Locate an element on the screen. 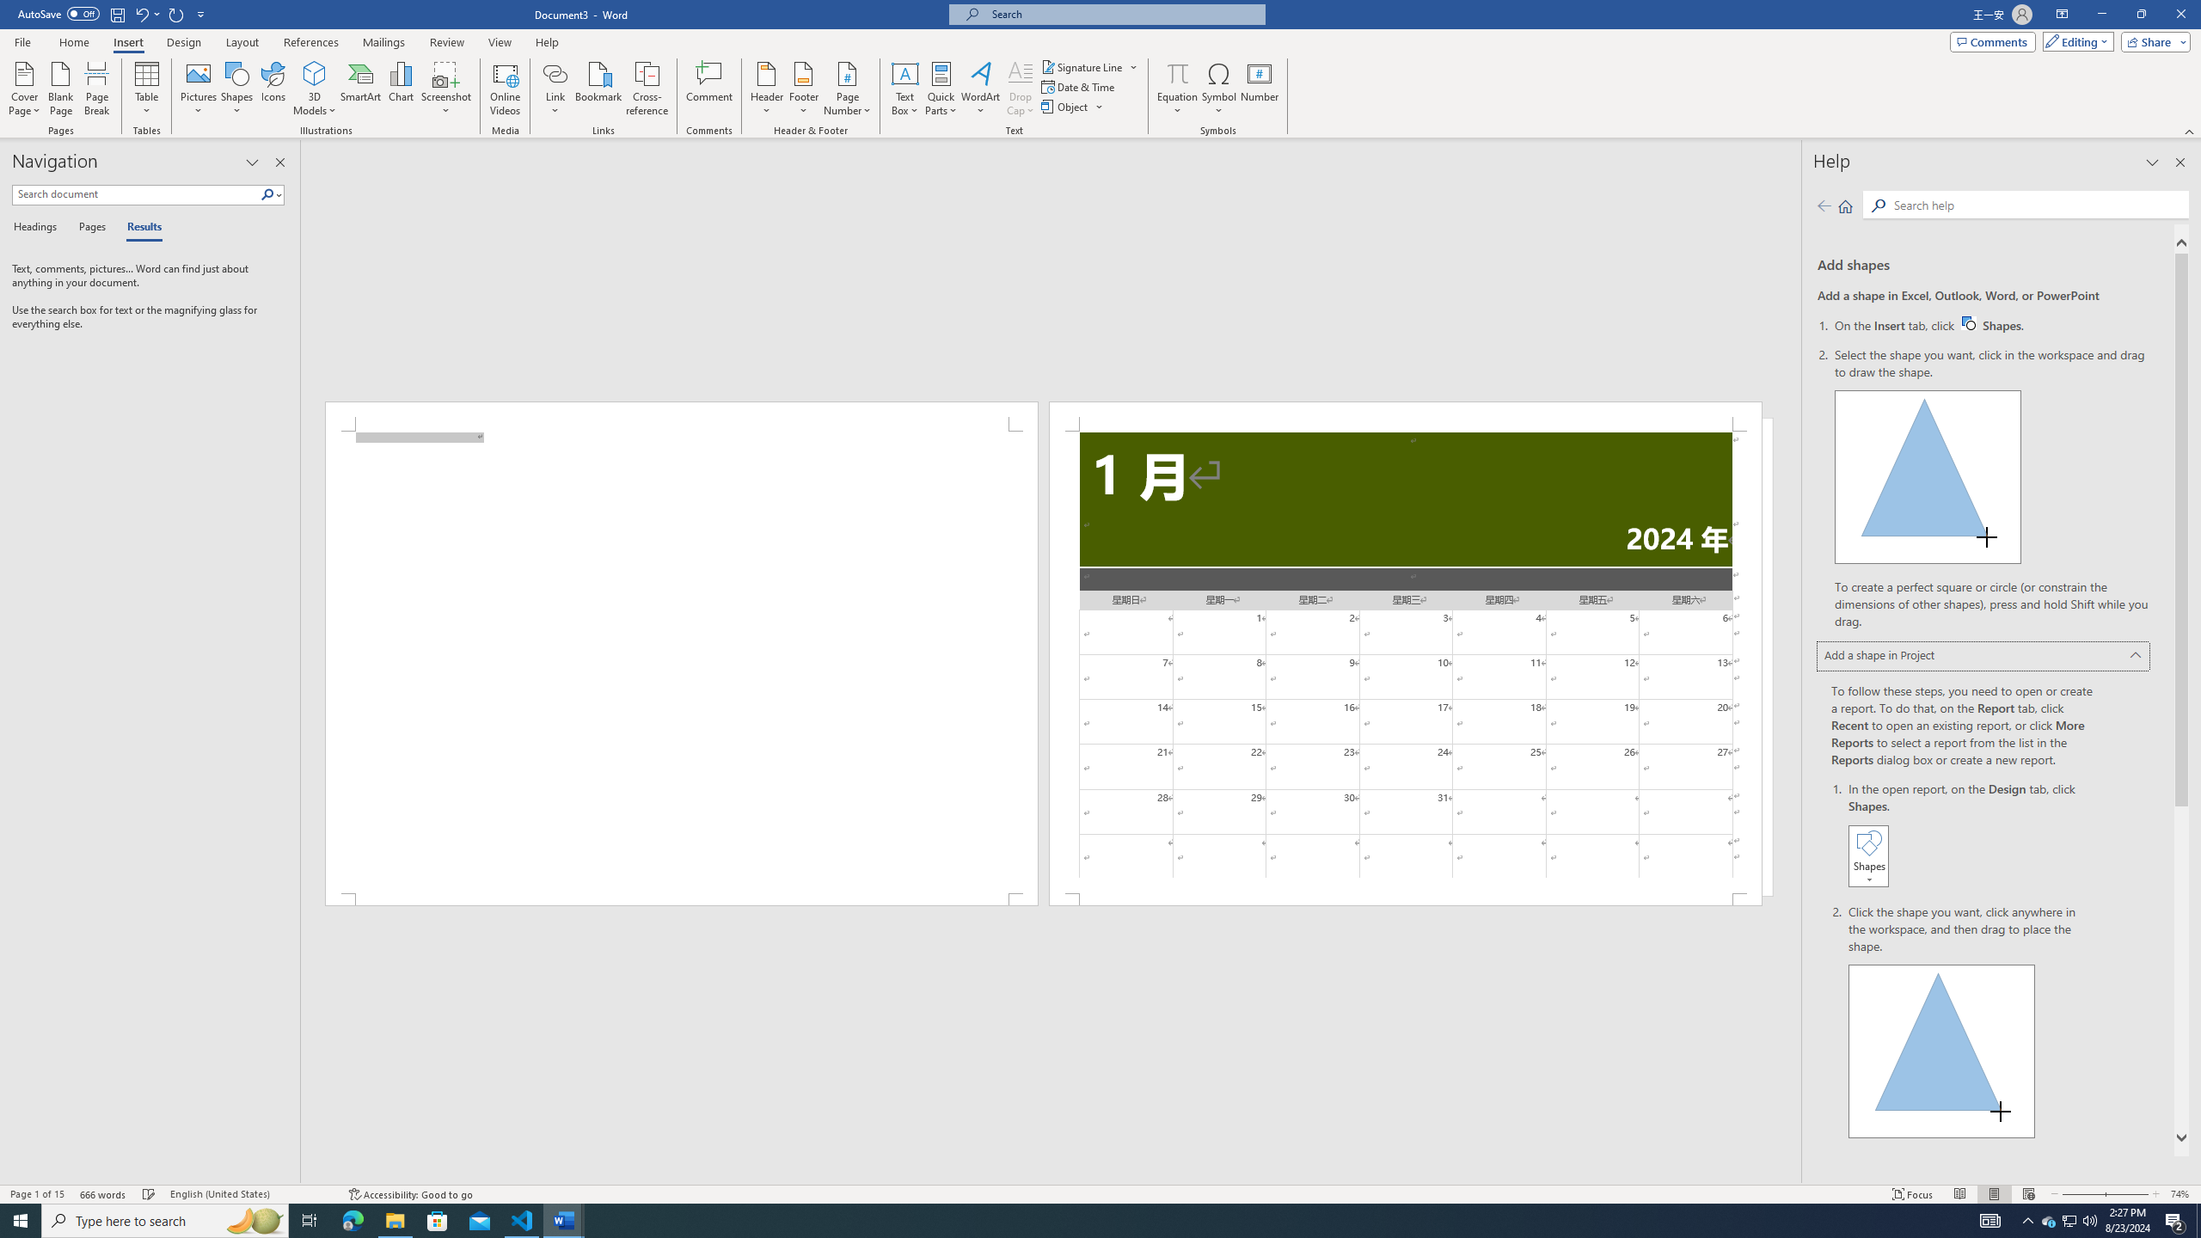 The width and height of the screenshot is (2201, 1238). 'Page Number' is located at coordinates (847, 89).